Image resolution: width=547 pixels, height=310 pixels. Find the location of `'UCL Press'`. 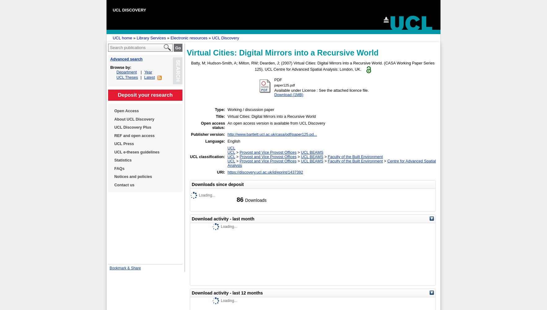

'UCL Press' is located at coordinates (124, 144).